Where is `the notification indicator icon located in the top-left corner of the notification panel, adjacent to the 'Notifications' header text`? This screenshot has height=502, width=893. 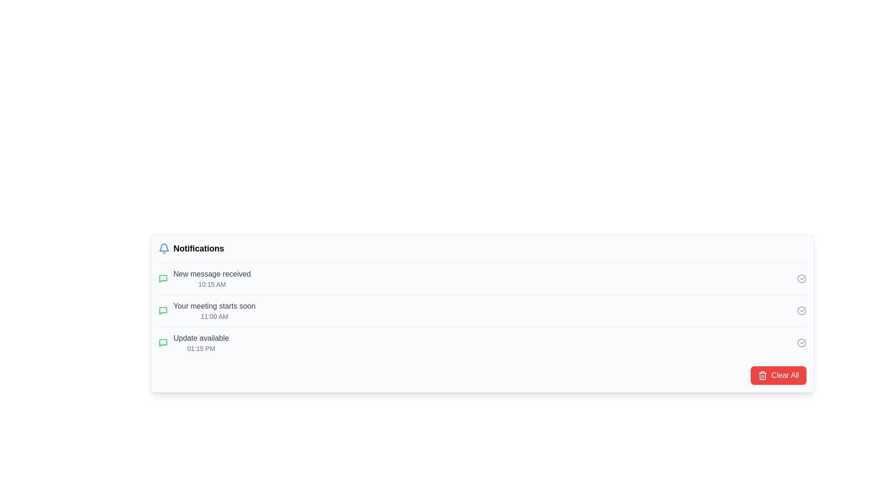 the notification indicator icon located in the top-left corner of the notification panel, adjacent to the 'Notifications' header text is located at coordinates (164, 247).